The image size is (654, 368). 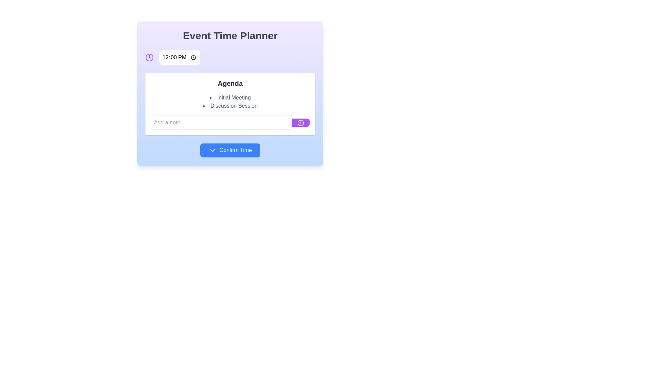 I want to click on the decorative purpose of the downward-facing chevron icon located within the blue 'Confirm Time' button, positioned near the left margin, so click(x=212, y=150).